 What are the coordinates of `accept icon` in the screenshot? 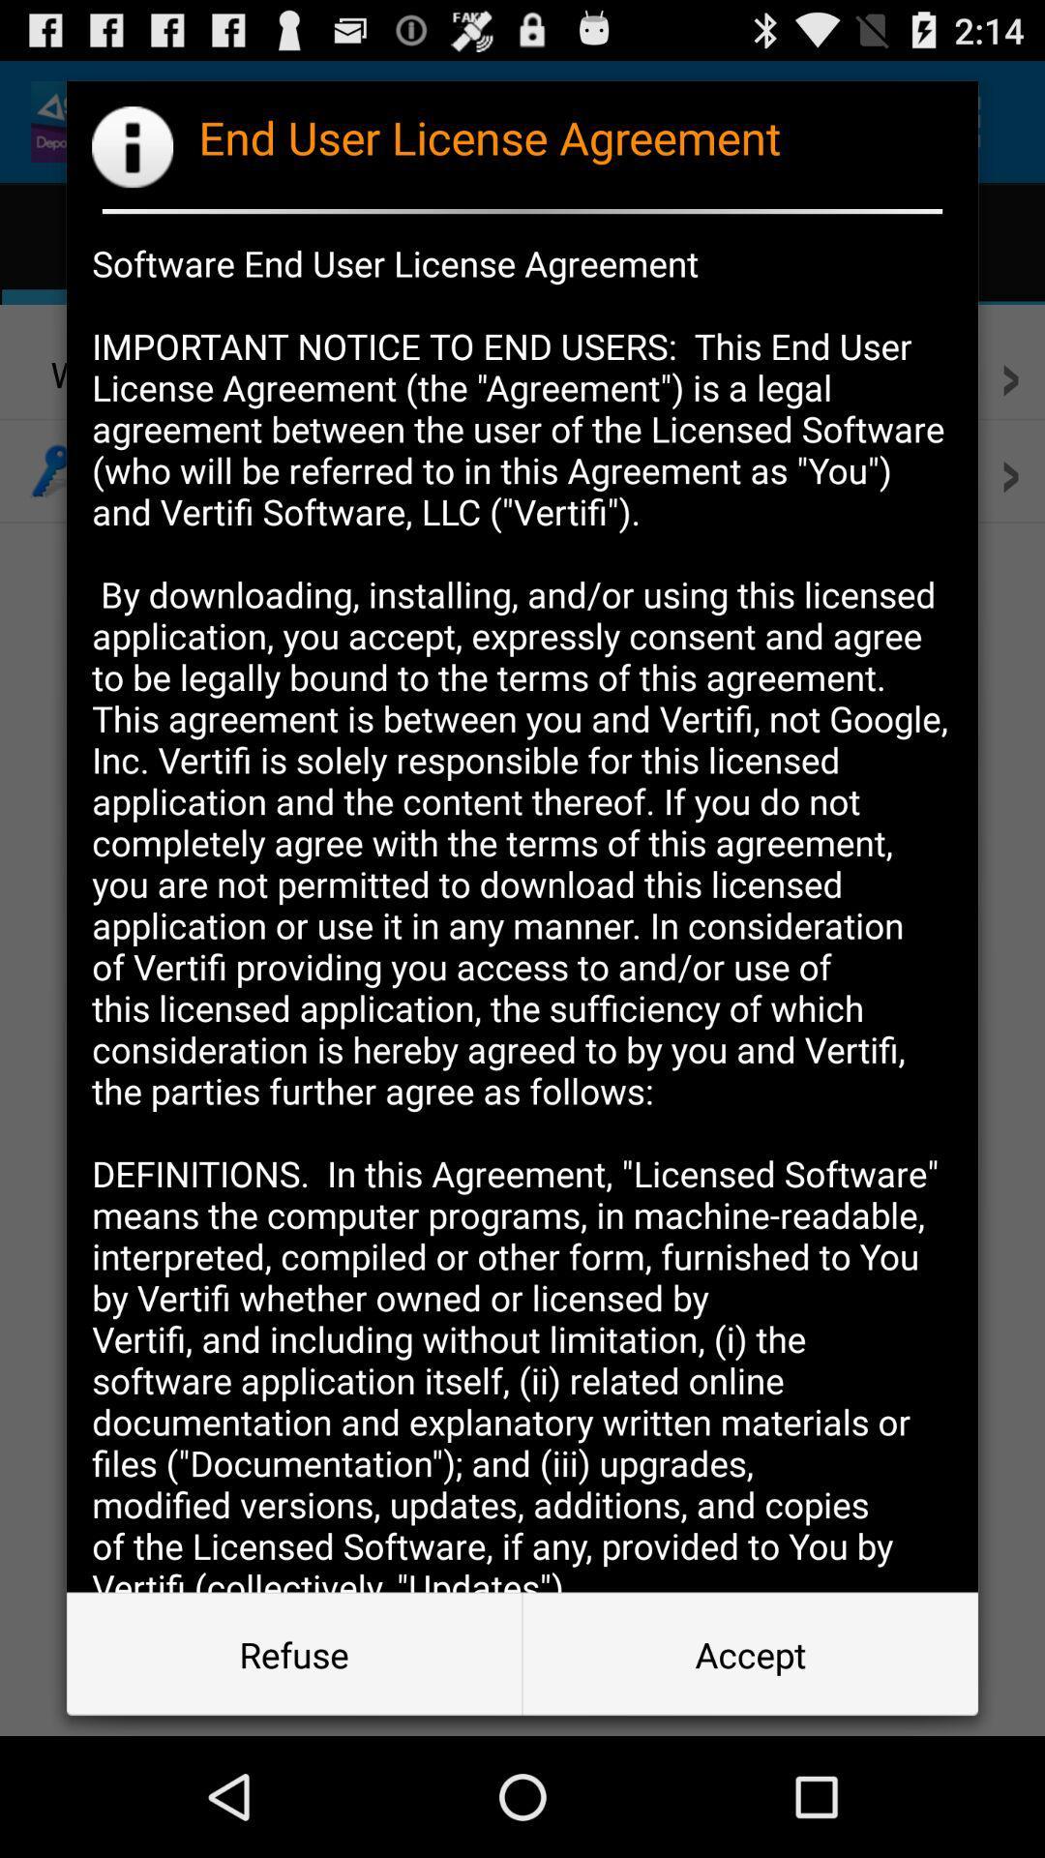 It's located at (749, 1653).